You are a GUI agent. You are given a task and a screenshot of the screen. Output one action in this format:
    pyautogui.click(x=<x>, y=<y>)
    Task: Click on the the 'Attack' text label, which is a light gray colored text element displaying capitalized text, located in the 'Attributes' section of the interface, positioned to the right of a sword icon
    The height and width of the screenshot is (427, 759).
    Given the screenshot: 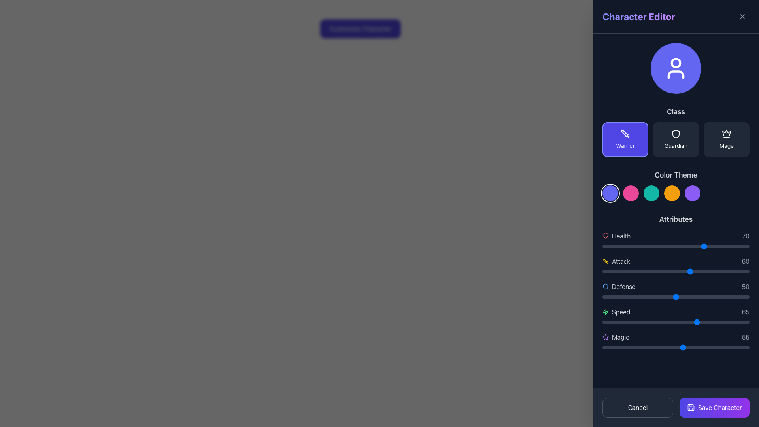 What is the action you would take?
    pyautogui.click(x=621, y=261)
    